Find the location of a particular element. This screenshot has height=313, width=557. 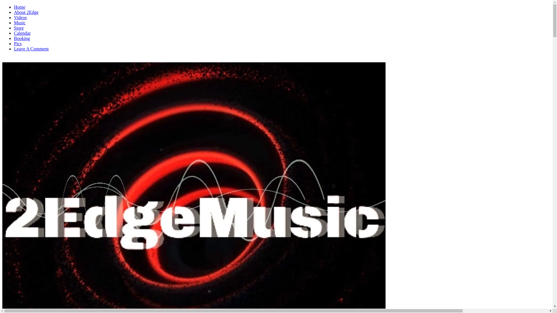

'Pics' is located at coordinates (18, 43).